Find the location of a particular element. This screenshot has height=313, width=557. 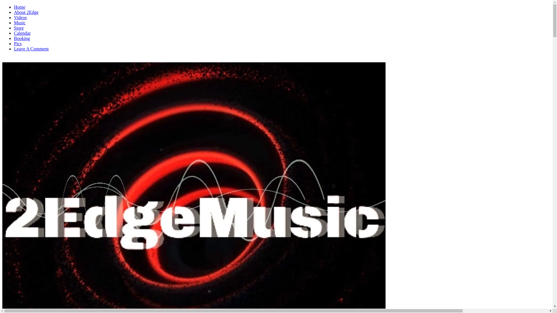

'Pics' is located at coordinates (18, 43).